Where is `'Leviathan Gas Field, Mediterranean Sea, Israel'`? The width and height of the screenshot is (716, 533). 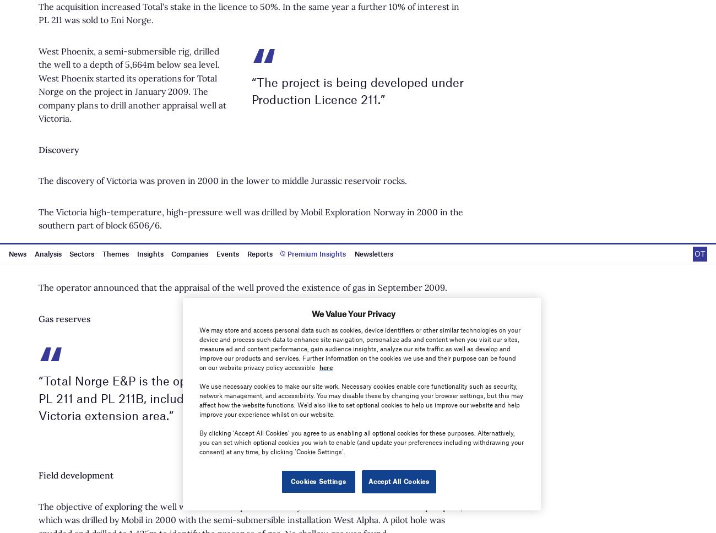
'Leviathan Gas Field, Mediterranean Sea, Israel' is located at coordinates (369, 51).